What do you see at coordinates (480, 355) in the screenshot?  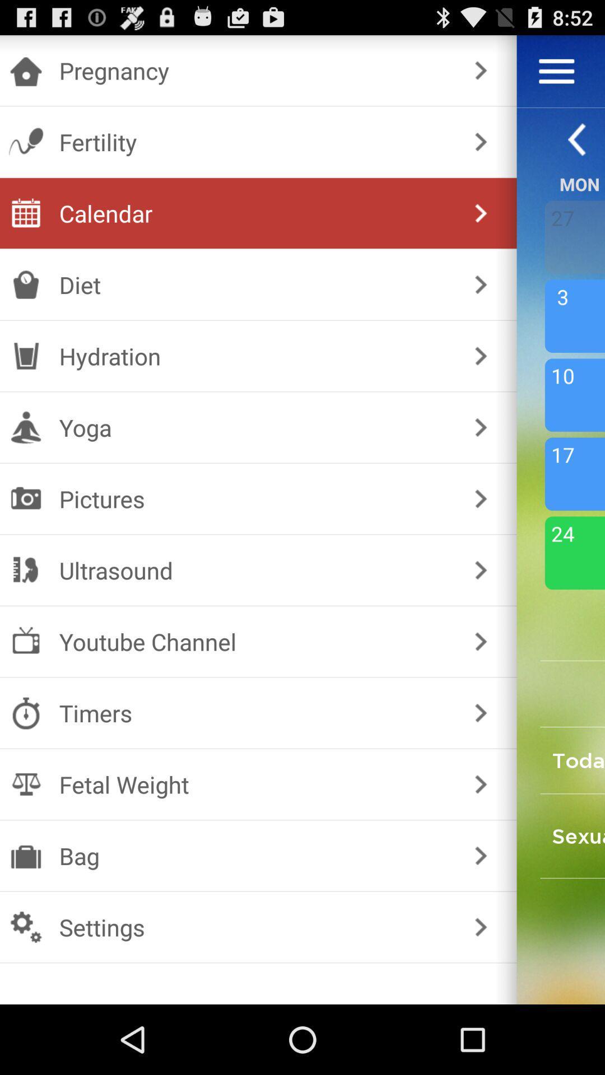 I see `the icon next to the 3` at bounding box center [480, 355].